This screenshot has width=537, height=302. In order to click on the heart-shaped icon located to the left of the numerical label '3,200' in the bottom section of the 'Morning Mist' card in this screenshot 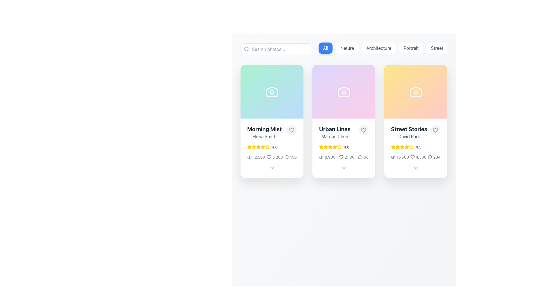, I will do `click(269, 157)`.